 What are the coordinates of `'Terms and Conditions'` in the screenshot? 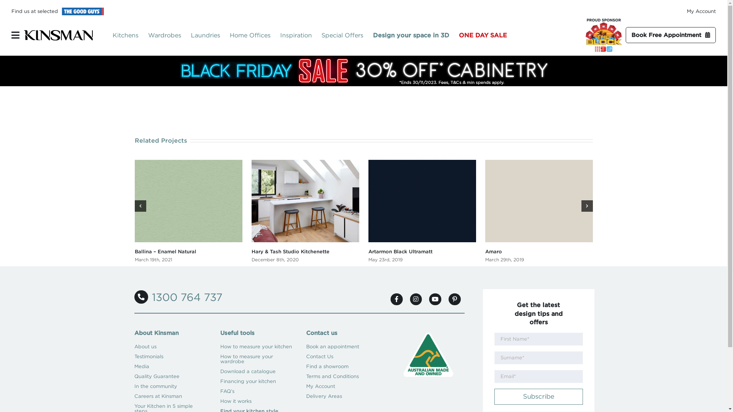 It's located at (342, 376).